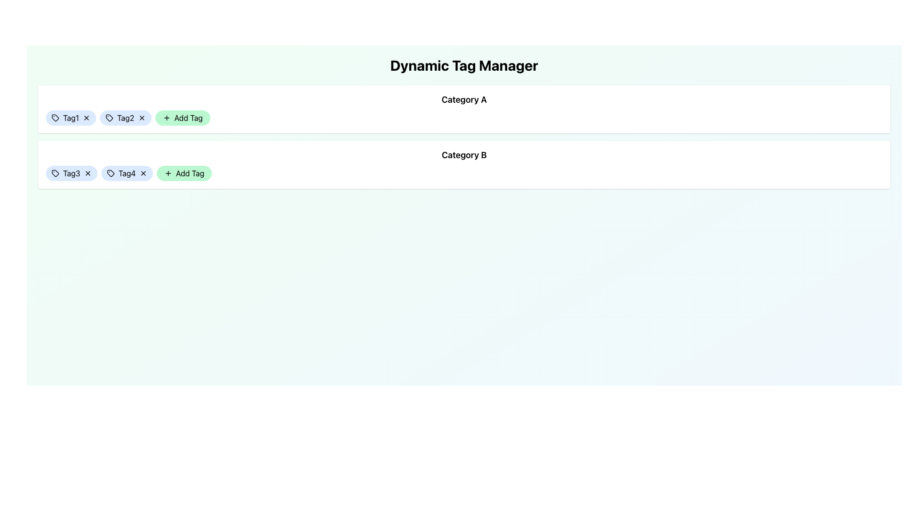  I want to click on the dark gray price tag icon located to the left of the 'Tag3' pill-shaped button in the 'Category B' section, so click(55, 173).